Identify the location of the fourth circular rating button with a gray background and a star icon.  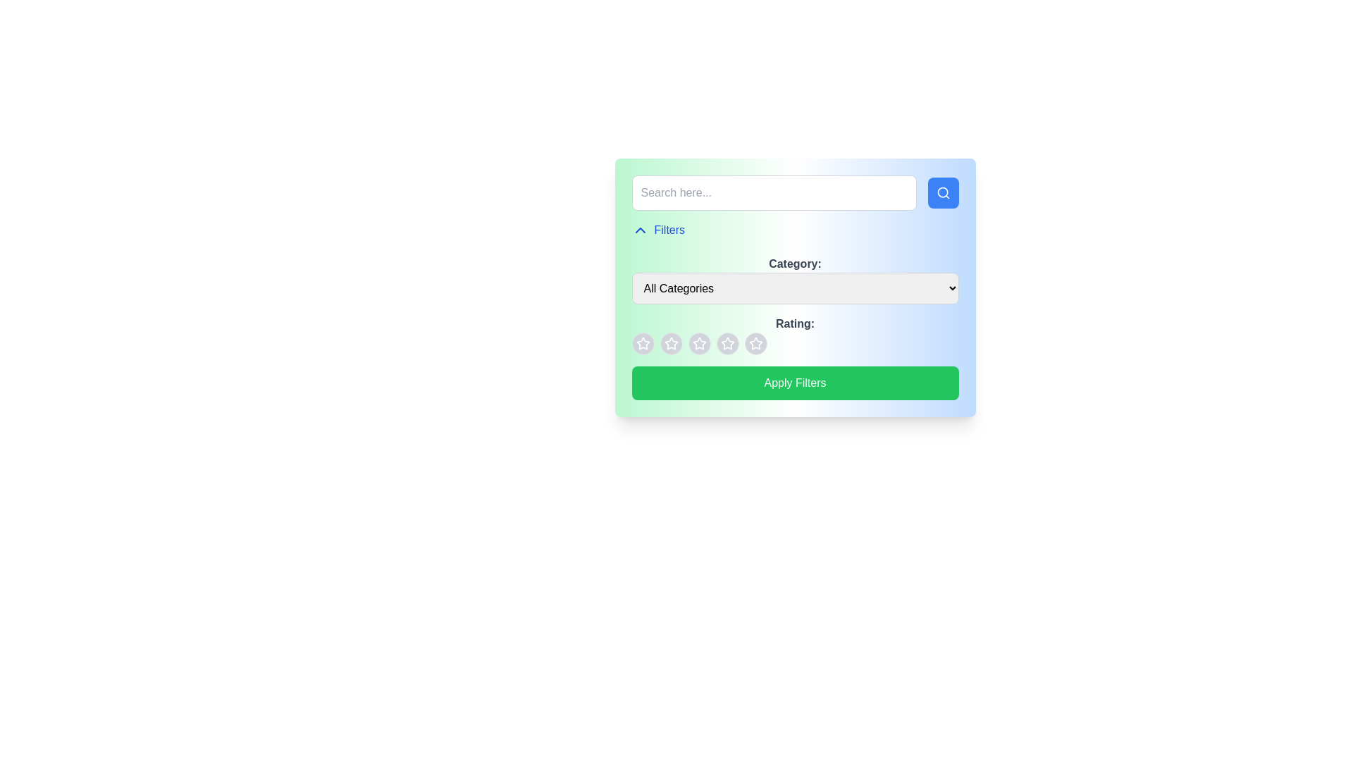
(727, 344).